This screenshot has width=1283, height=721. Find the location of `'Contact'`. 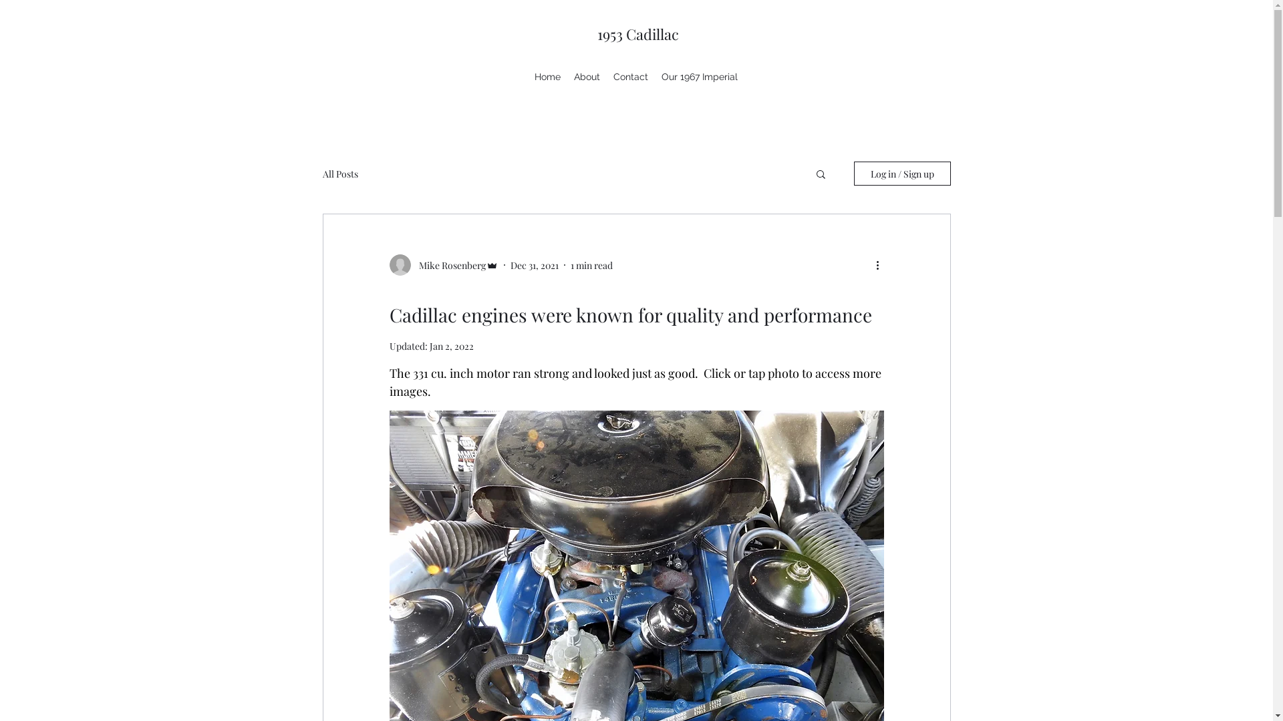

'Contact' is located at coordinates (605, 77).